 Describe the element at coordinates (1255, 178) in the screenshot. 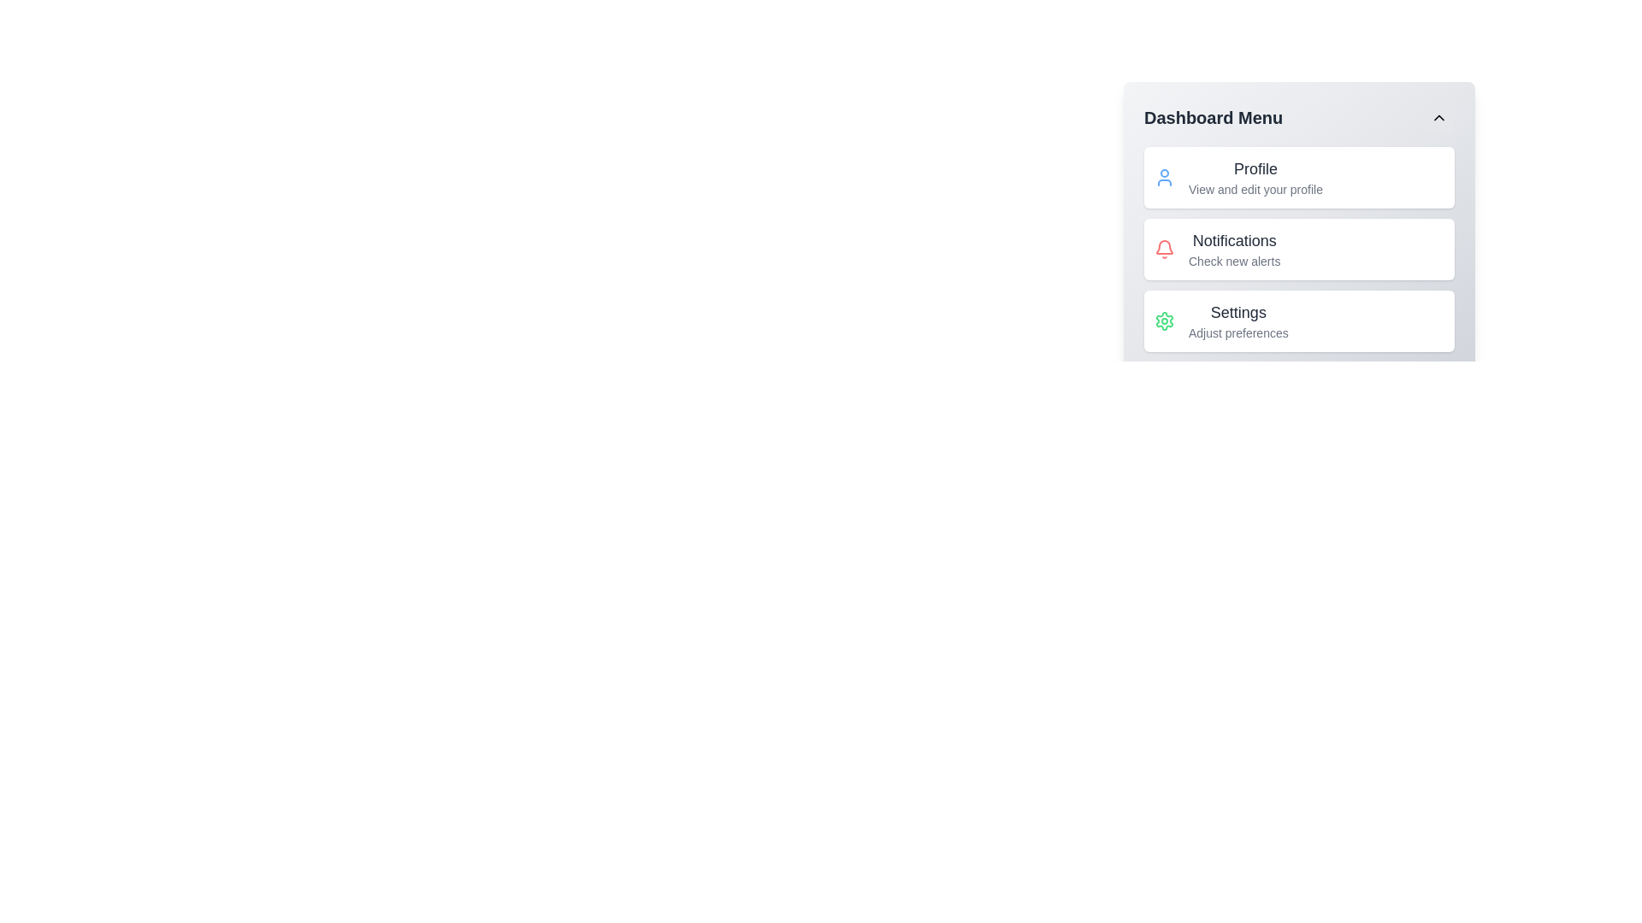

I see `the menu item labeled Profile to view its tooltip` at that location.